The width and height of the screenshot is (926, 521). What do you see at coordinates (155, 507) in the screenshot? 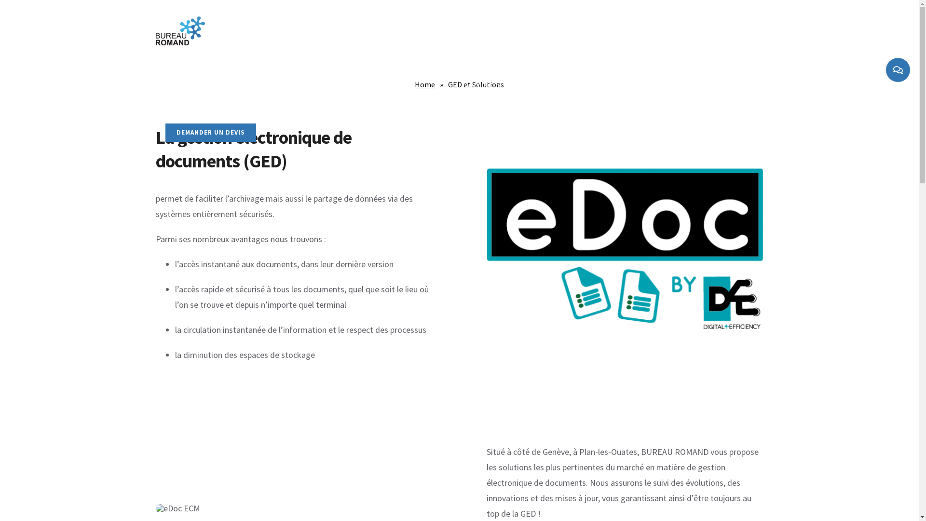
I see `'Logo eDoc ECM descripti'` at bounding box center [155, 507].